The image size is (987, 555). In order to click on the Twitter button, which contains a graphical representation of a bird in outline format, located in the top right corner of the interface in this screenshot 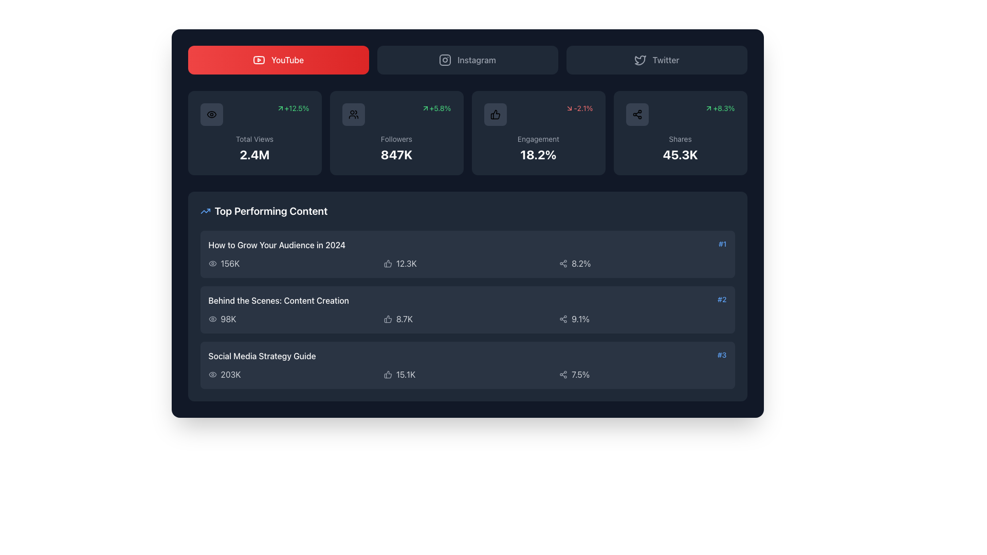, I will do `click(639, 60)`.